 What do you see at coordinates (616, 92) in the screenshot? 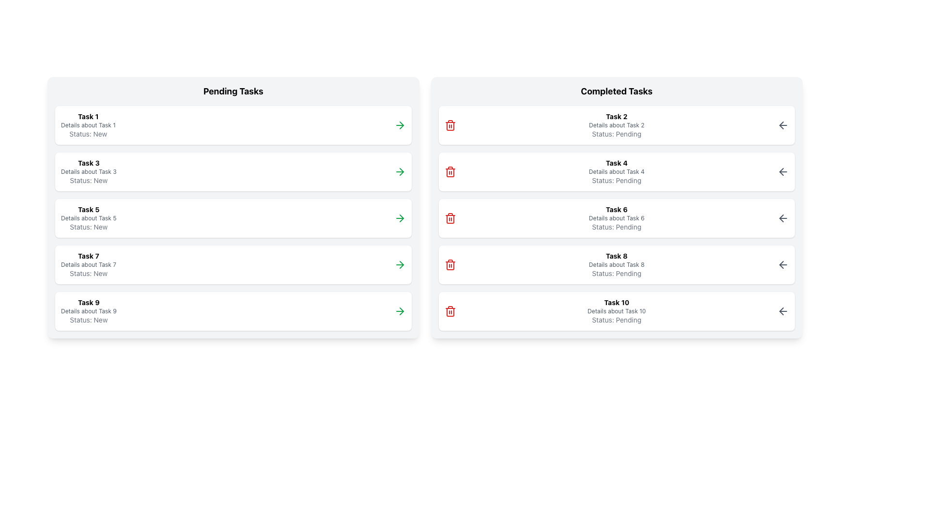
I see `the 'Completed Tasks' text label located at the upper part of the right panel, indicating the section for completed tasks` at bounding box center [616, 92].